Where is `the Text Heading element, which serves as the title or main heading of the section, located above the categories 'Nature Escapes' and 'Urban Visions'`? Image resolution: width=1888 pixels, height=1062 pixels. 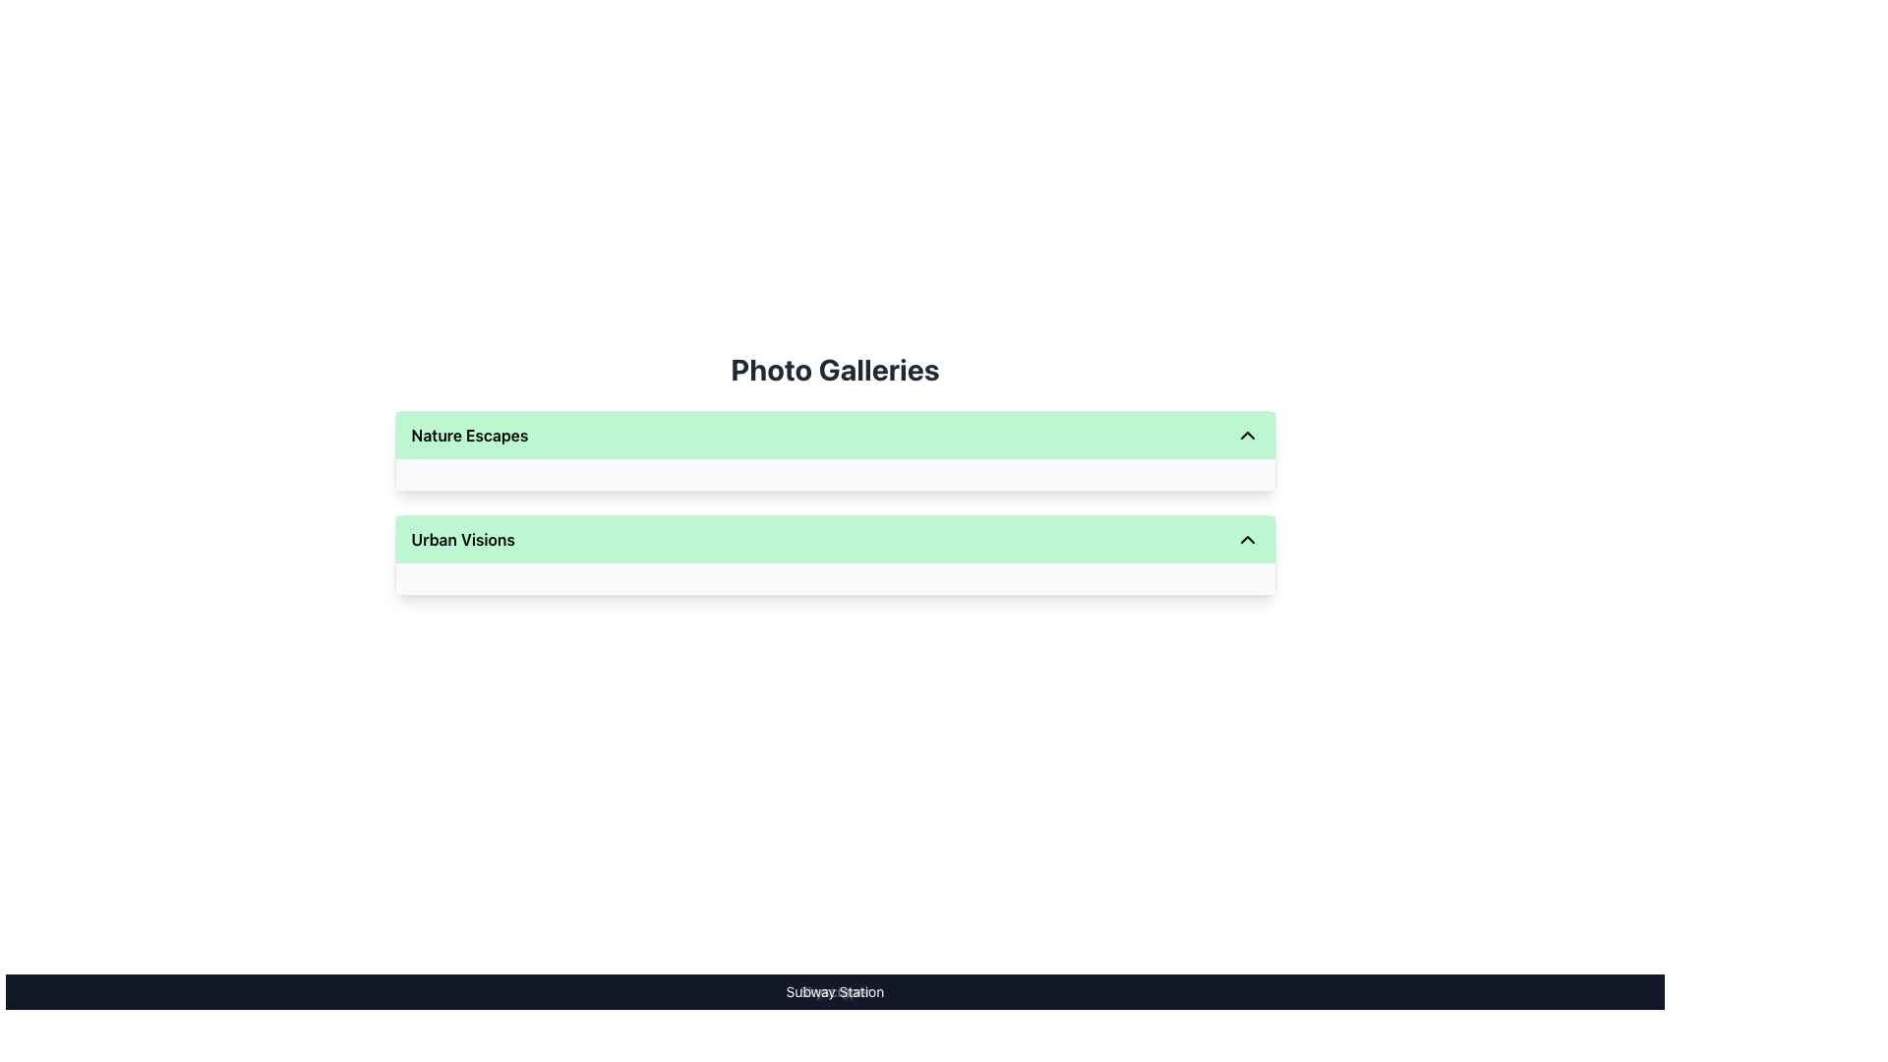
the Text Heading element, which serves as the title or main heading of the section, located above the categories 'Nature Escapes' and 'Urban Visions' is located at coordinates (835, 369).